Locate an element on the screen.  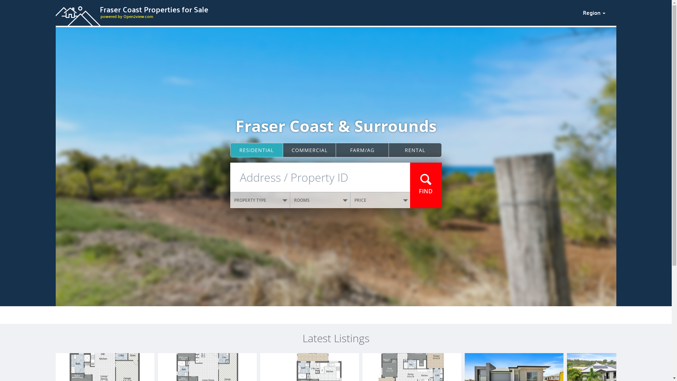
'ROOMS' is located at coordinates (320, 200).